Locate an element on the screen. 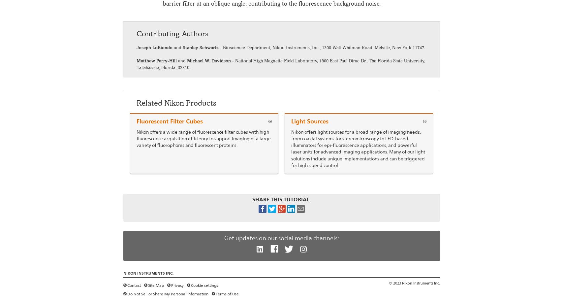 This screenshot has height=301, width=563. '- National High Magnetic Field Laboratory, 1800 East Paul Dirac Dr., The Florida State University, Tallahassee, Florida, 32310.' is located at coordinates (280, 63).